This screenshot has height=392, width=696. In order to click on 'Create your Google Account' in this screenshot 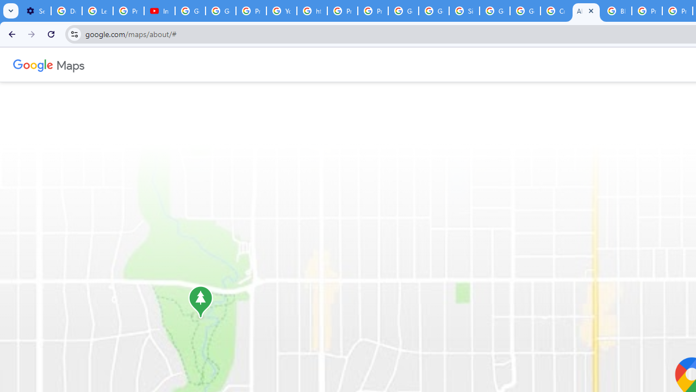, I will do `click(556, 11)`.